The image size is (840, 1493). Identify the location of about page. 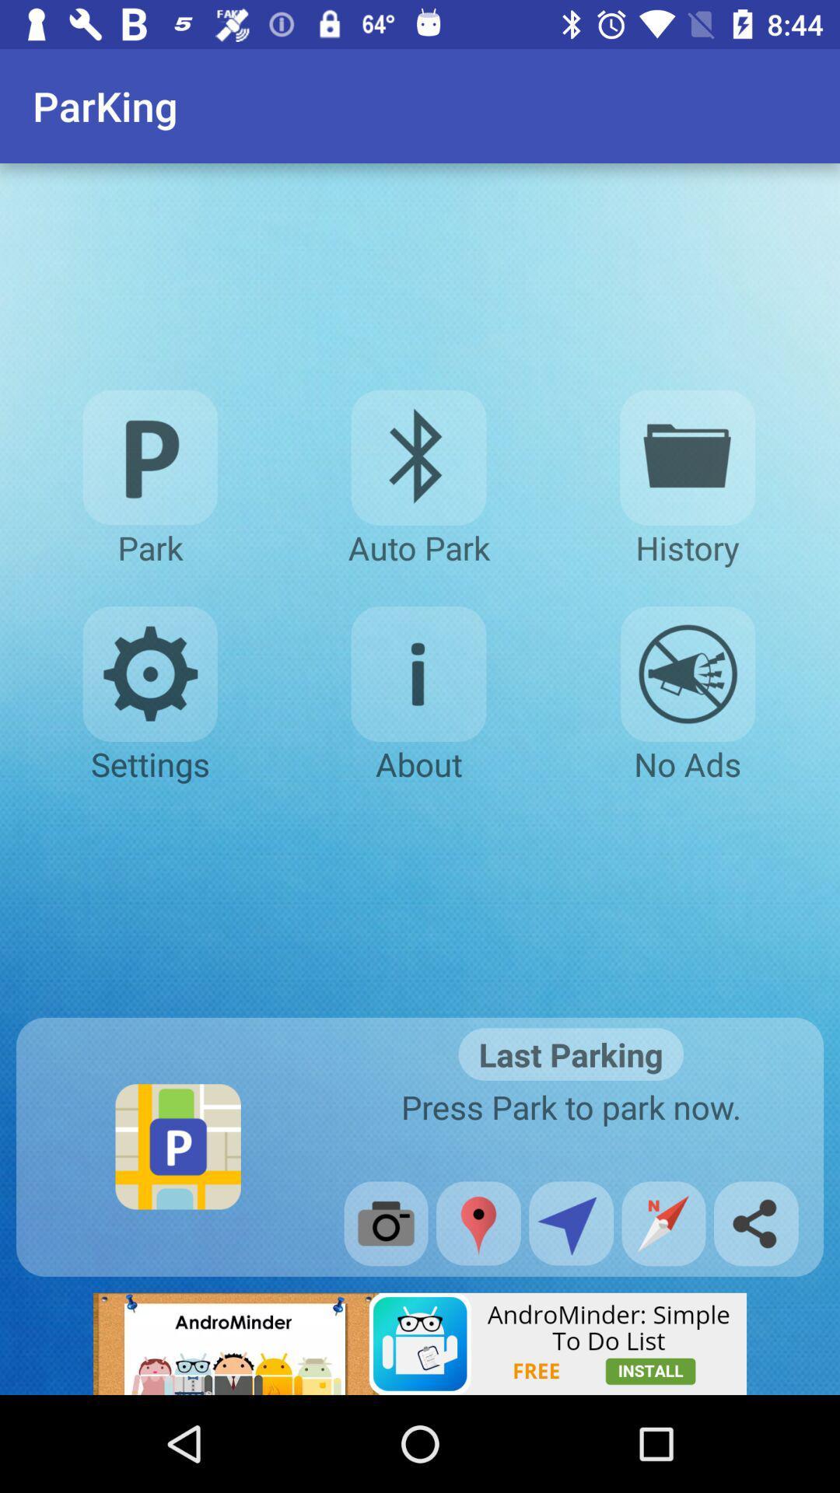
(418, 674).